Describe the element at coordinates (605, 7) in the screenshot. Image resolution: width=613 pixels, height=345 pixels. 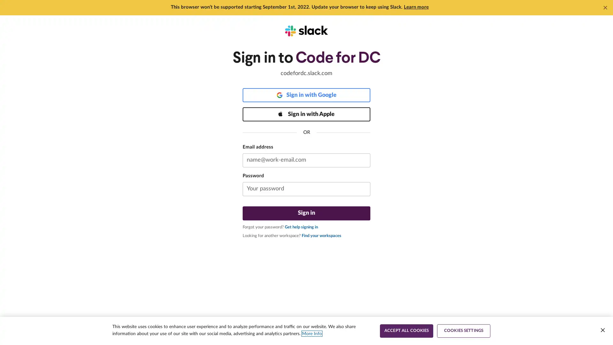
I see `Dismiss` at that location.